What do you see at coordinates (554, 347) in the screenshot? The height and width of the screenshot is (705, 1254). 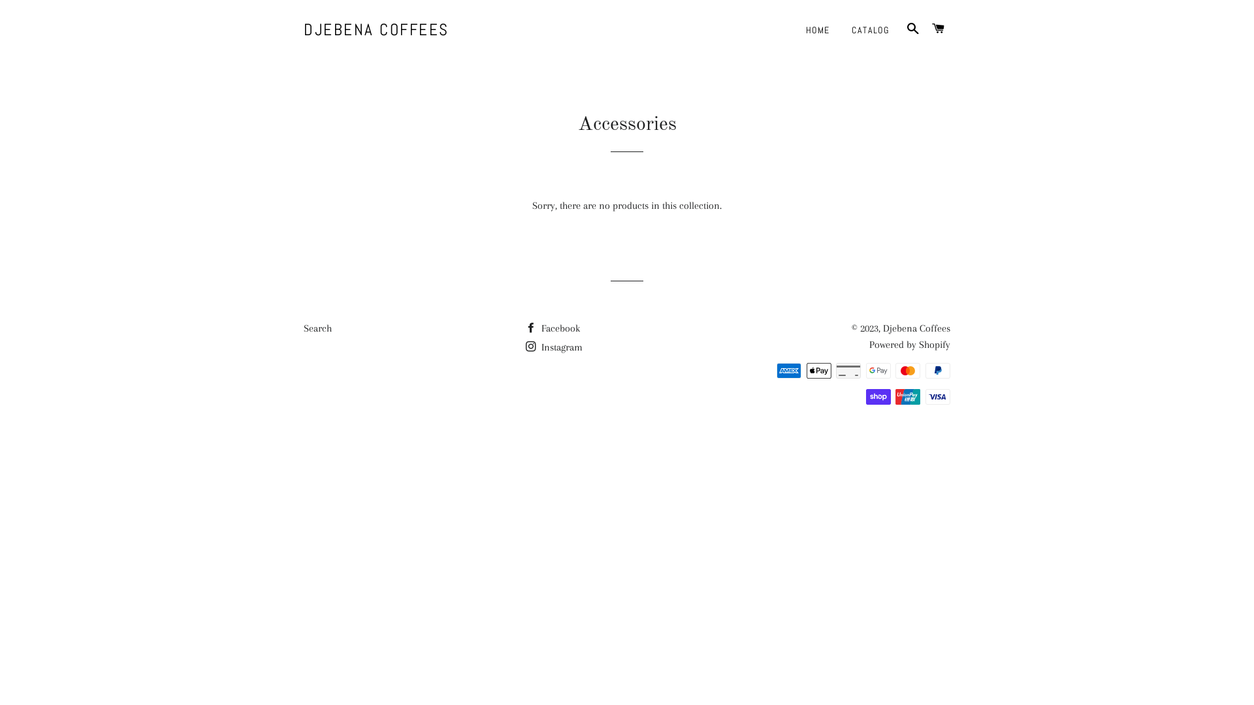 I see `'Instagram'` at bounding box center [554, 347].